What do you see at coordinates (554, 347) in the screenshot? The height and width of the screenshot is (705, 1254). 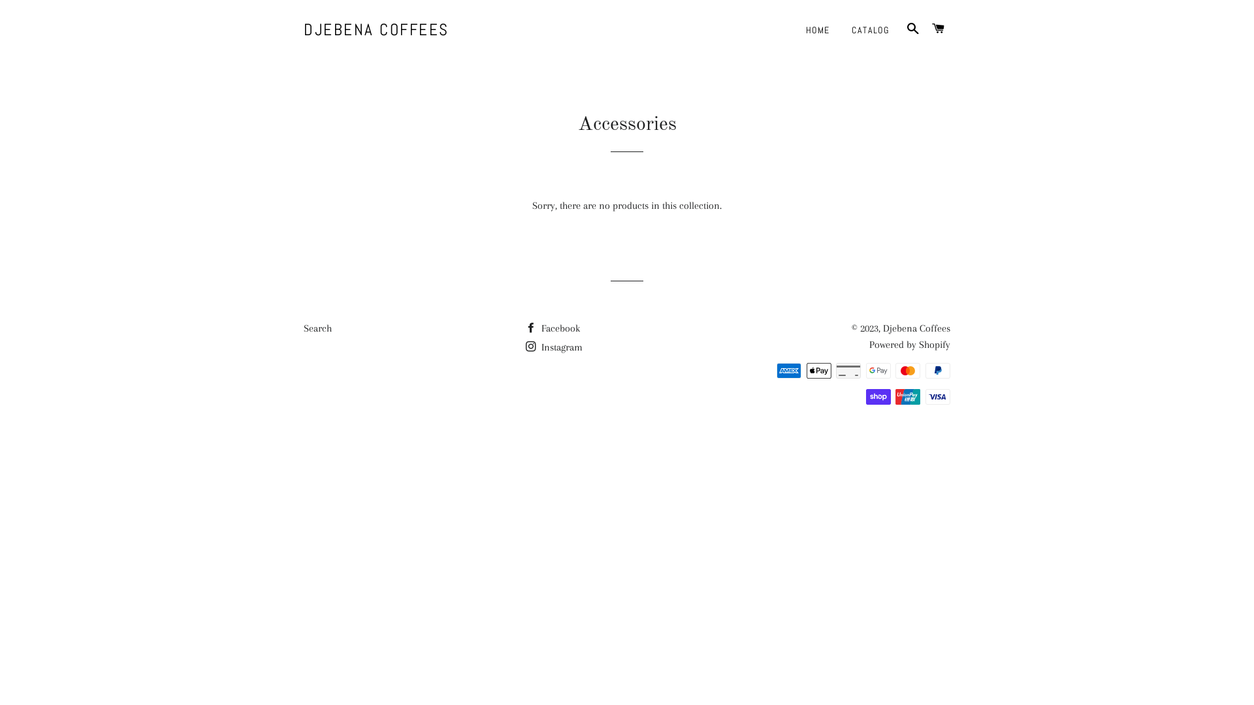 I see `'Instagram'` at bounding box center [554, 347].